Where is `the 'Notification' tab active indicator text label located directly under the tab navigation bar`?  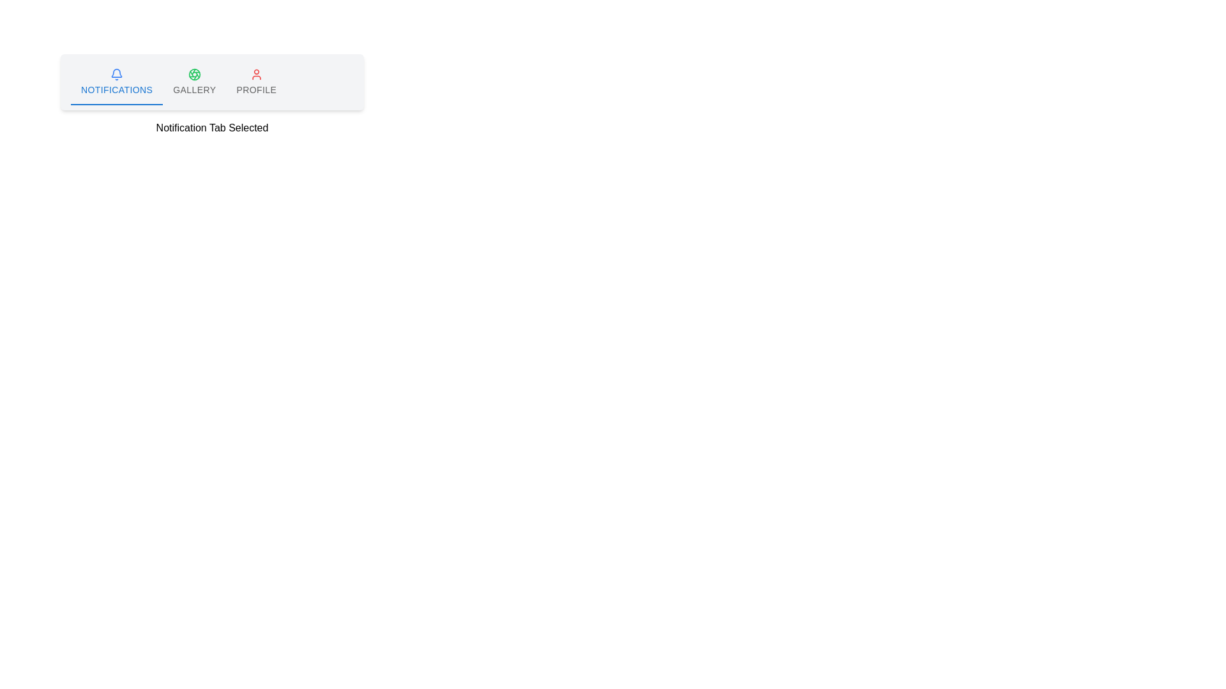 the 'Notification' tab active indicator text label located directly under the tab navigation bar is located at coordinates (212, 128).